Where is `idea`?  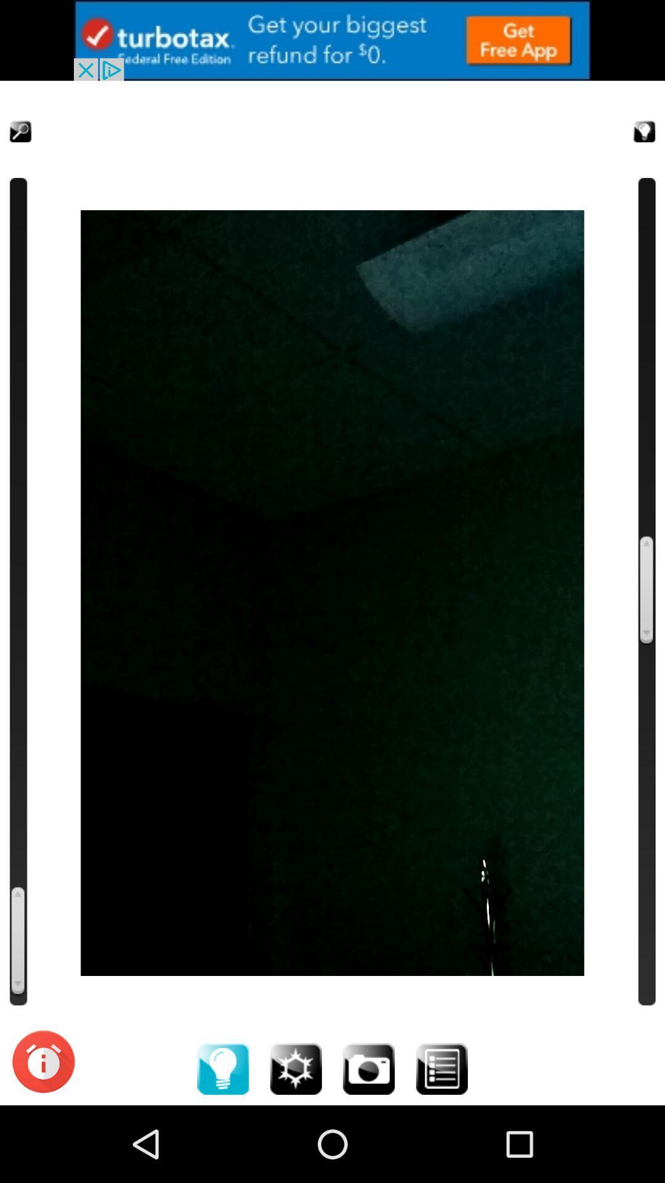
idea is located at coordinates (223, 1068).